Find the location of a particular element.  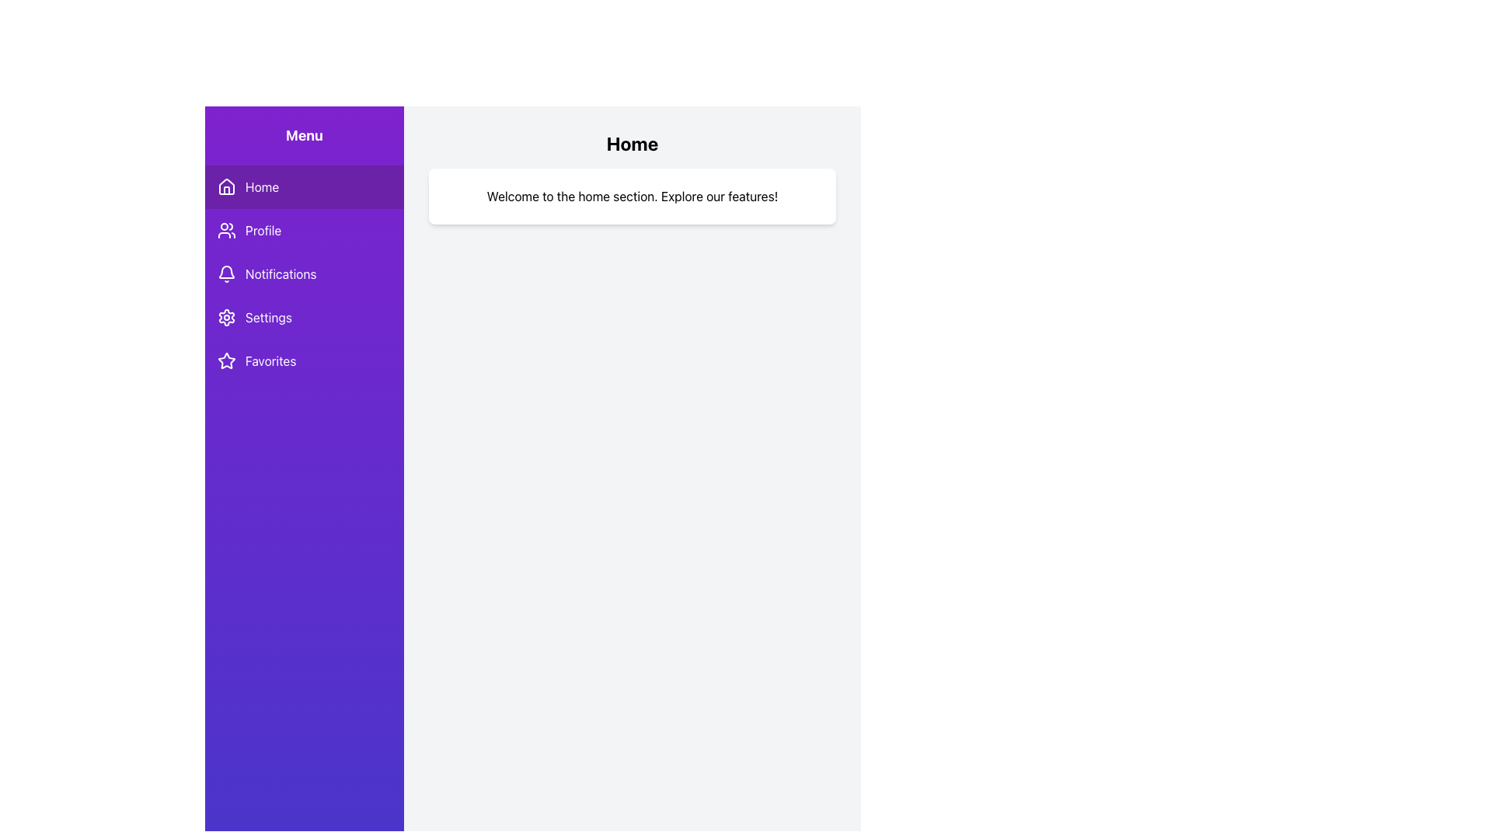

the fifth item in the vertical navigation menu is located at coordinates (305, 361).